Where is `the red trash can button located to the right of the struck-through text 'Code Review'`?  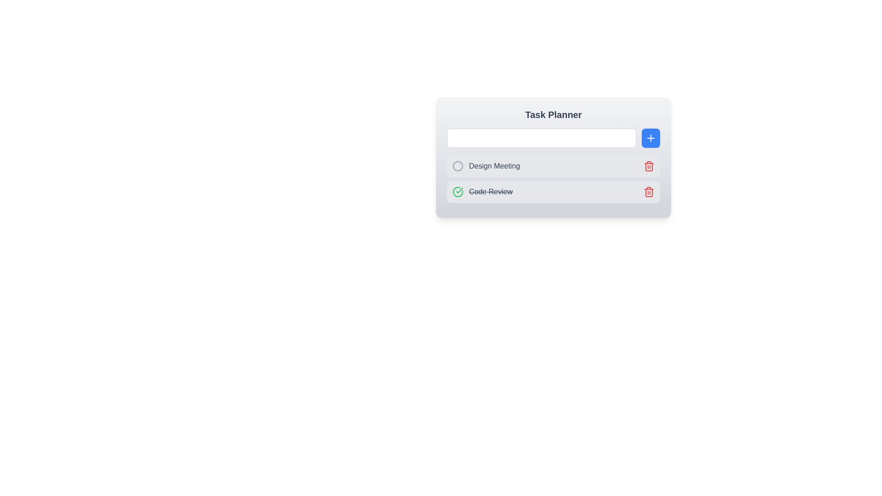 the red trash can button located to the right of the struck-through text 'Code Review' is located at coordinates (645, 191).